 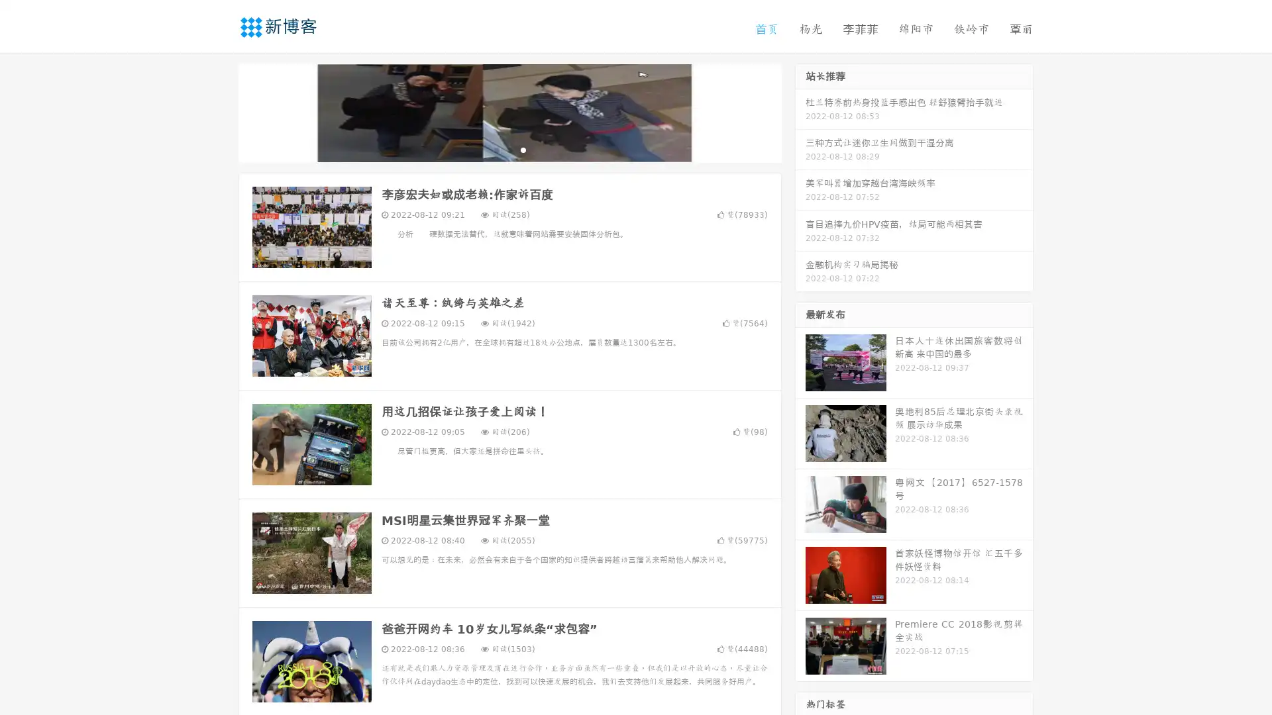 I want to click on Previous slide, so click(x=219, y=111).